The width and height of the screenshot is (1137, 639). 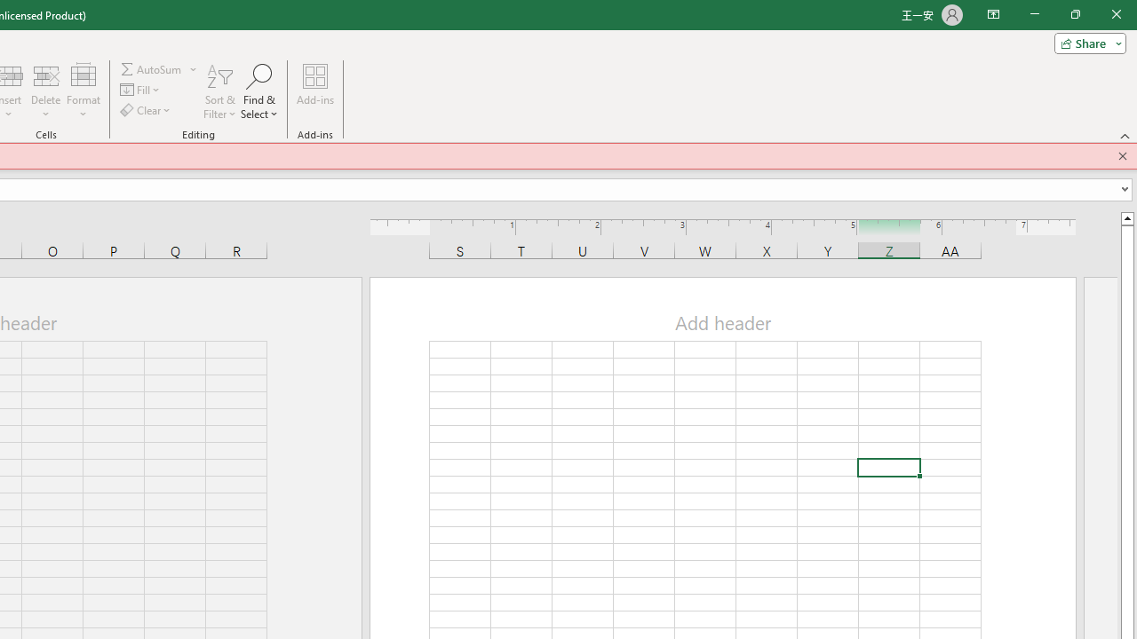 I want to click on 'Sort & Filter', so click(x=219, y=91).